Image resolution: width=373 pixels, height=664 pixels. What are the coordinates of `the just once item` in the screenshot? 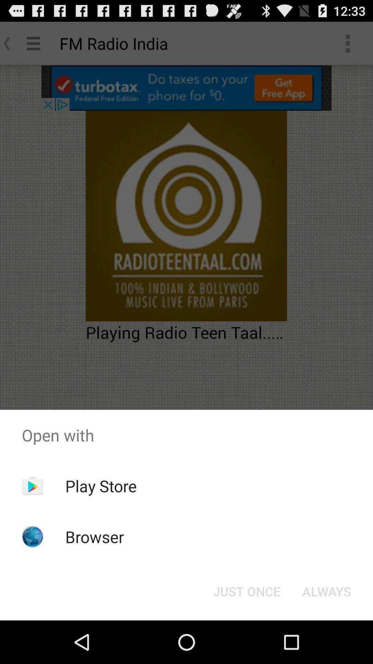 It's located at (246, 591).